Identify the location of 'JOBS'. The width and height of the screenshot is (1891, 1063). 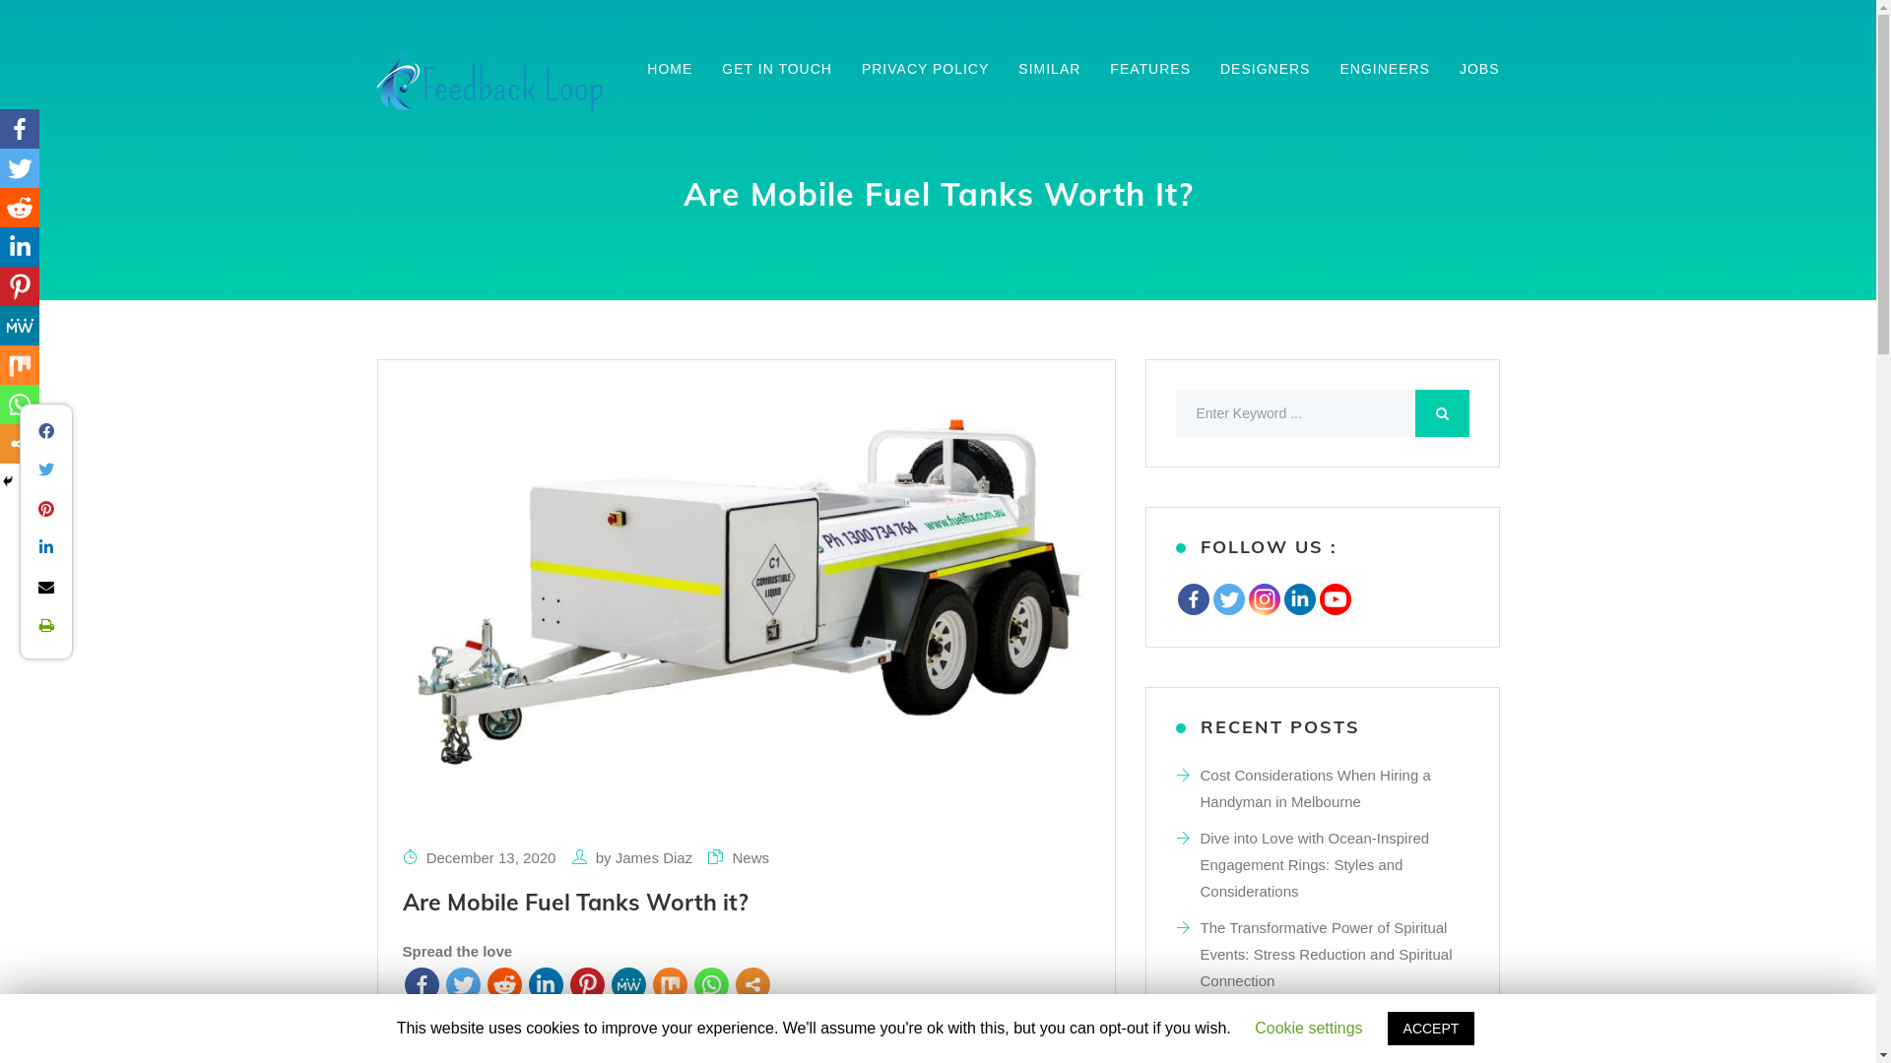
(1445, 67).